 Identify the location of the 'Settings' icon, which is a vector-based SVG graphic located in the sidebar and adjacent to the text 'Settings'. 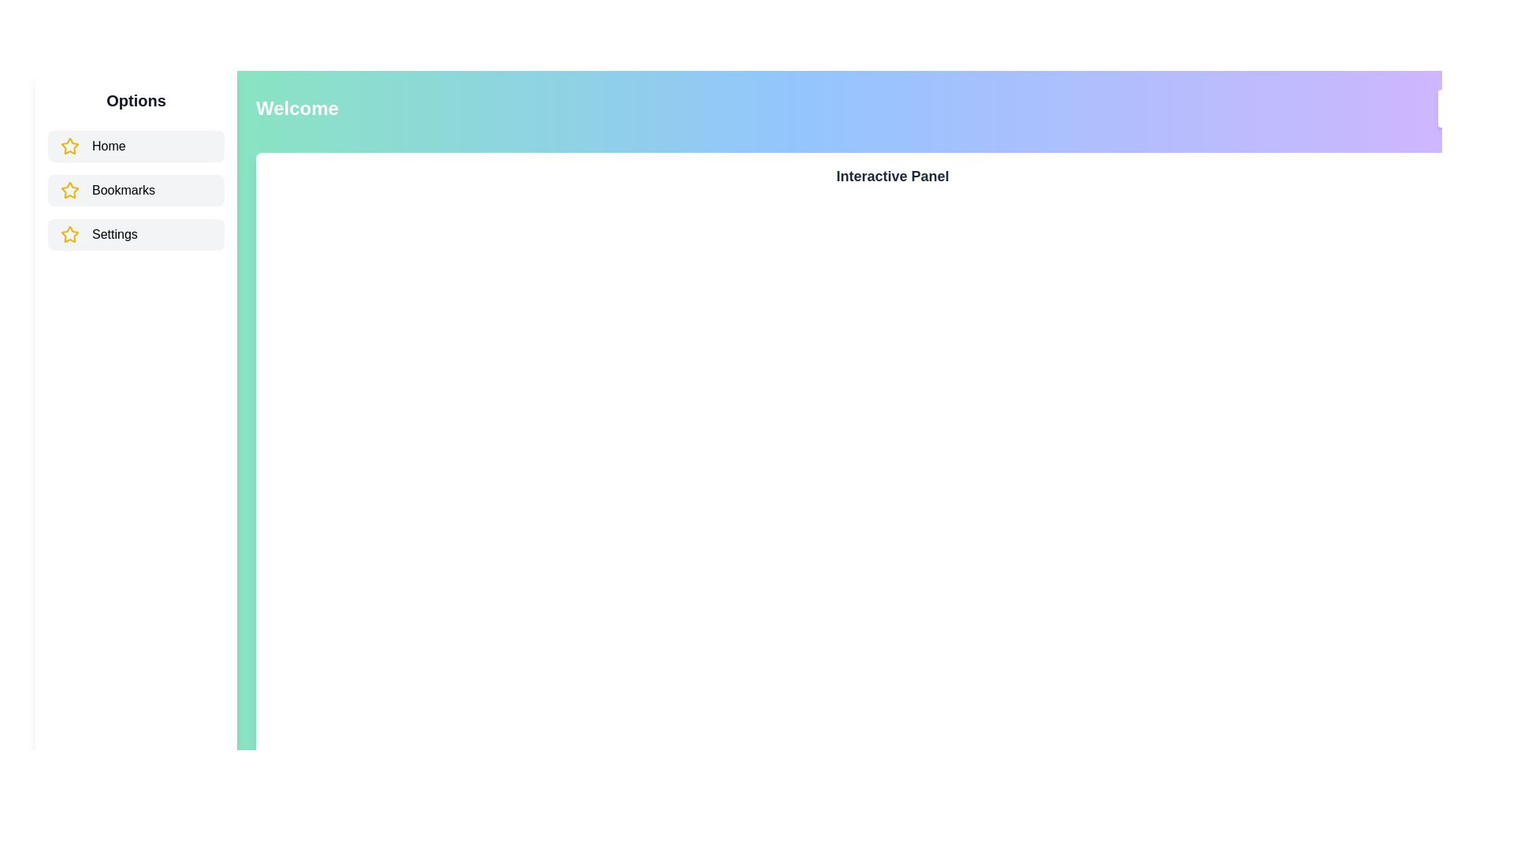
(69, 234).